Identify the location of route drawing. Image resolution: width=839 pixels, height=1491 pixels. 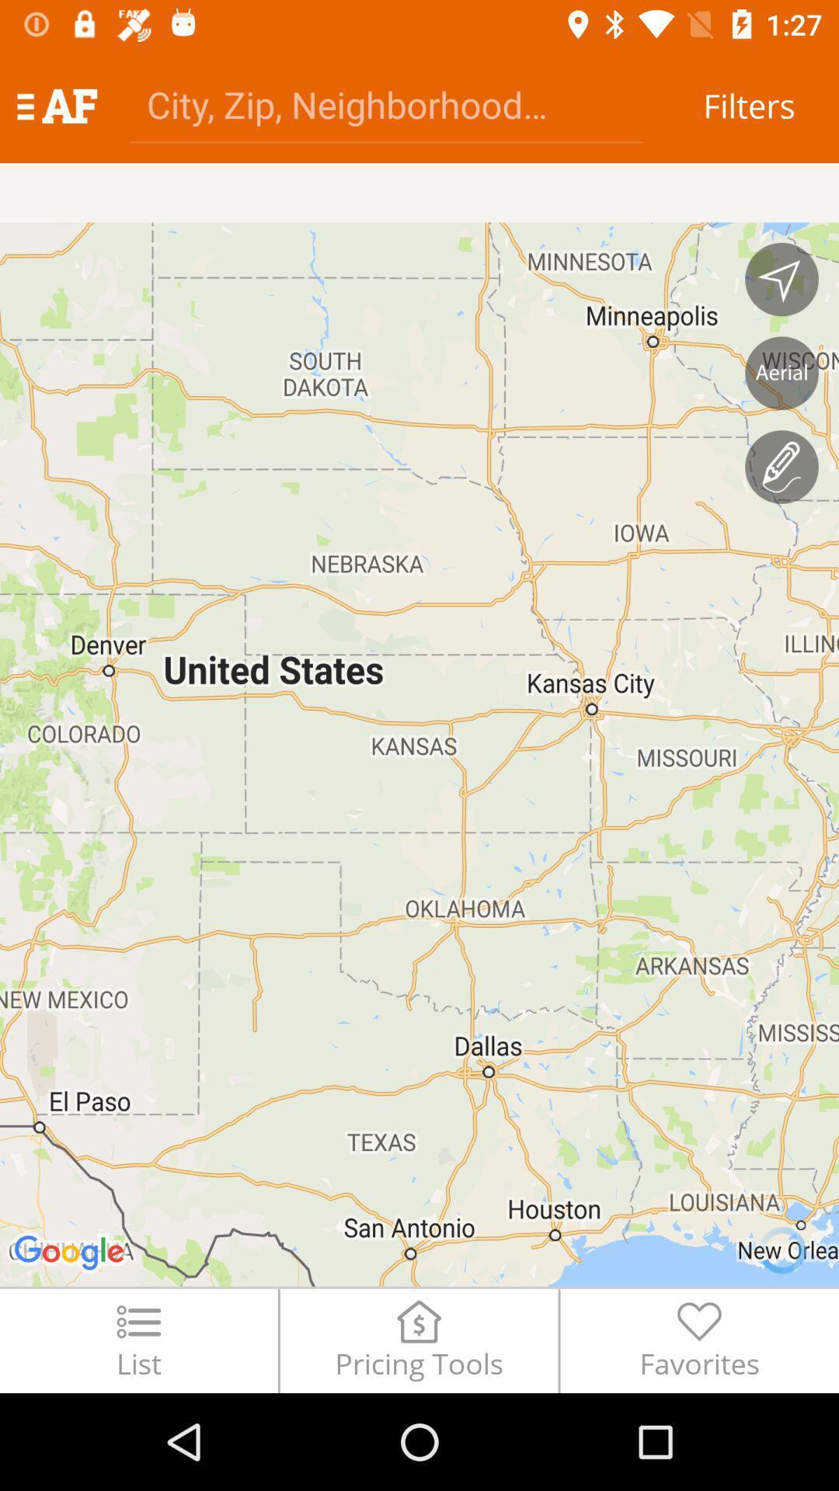
(782, 466).